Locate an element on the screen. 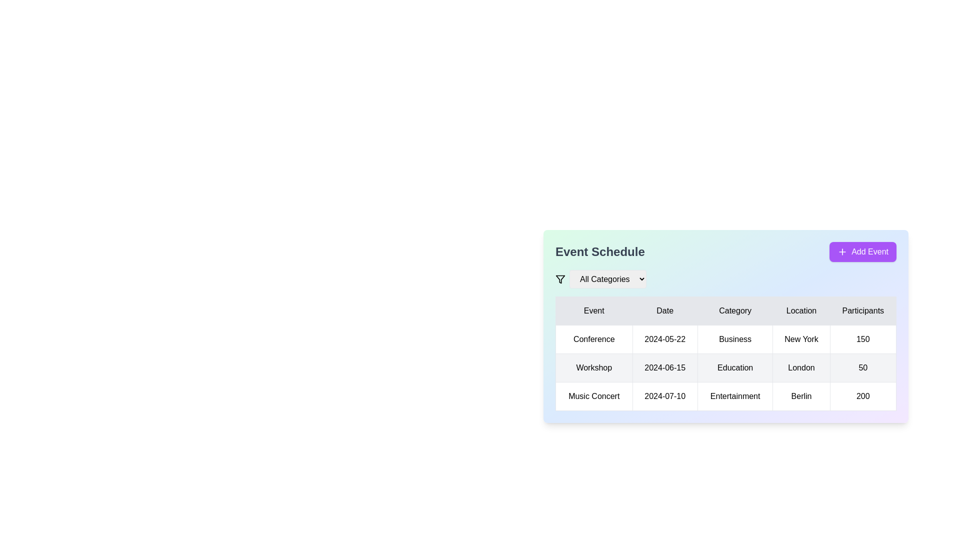  the second row in the events table is located at coordinates (725, 368).